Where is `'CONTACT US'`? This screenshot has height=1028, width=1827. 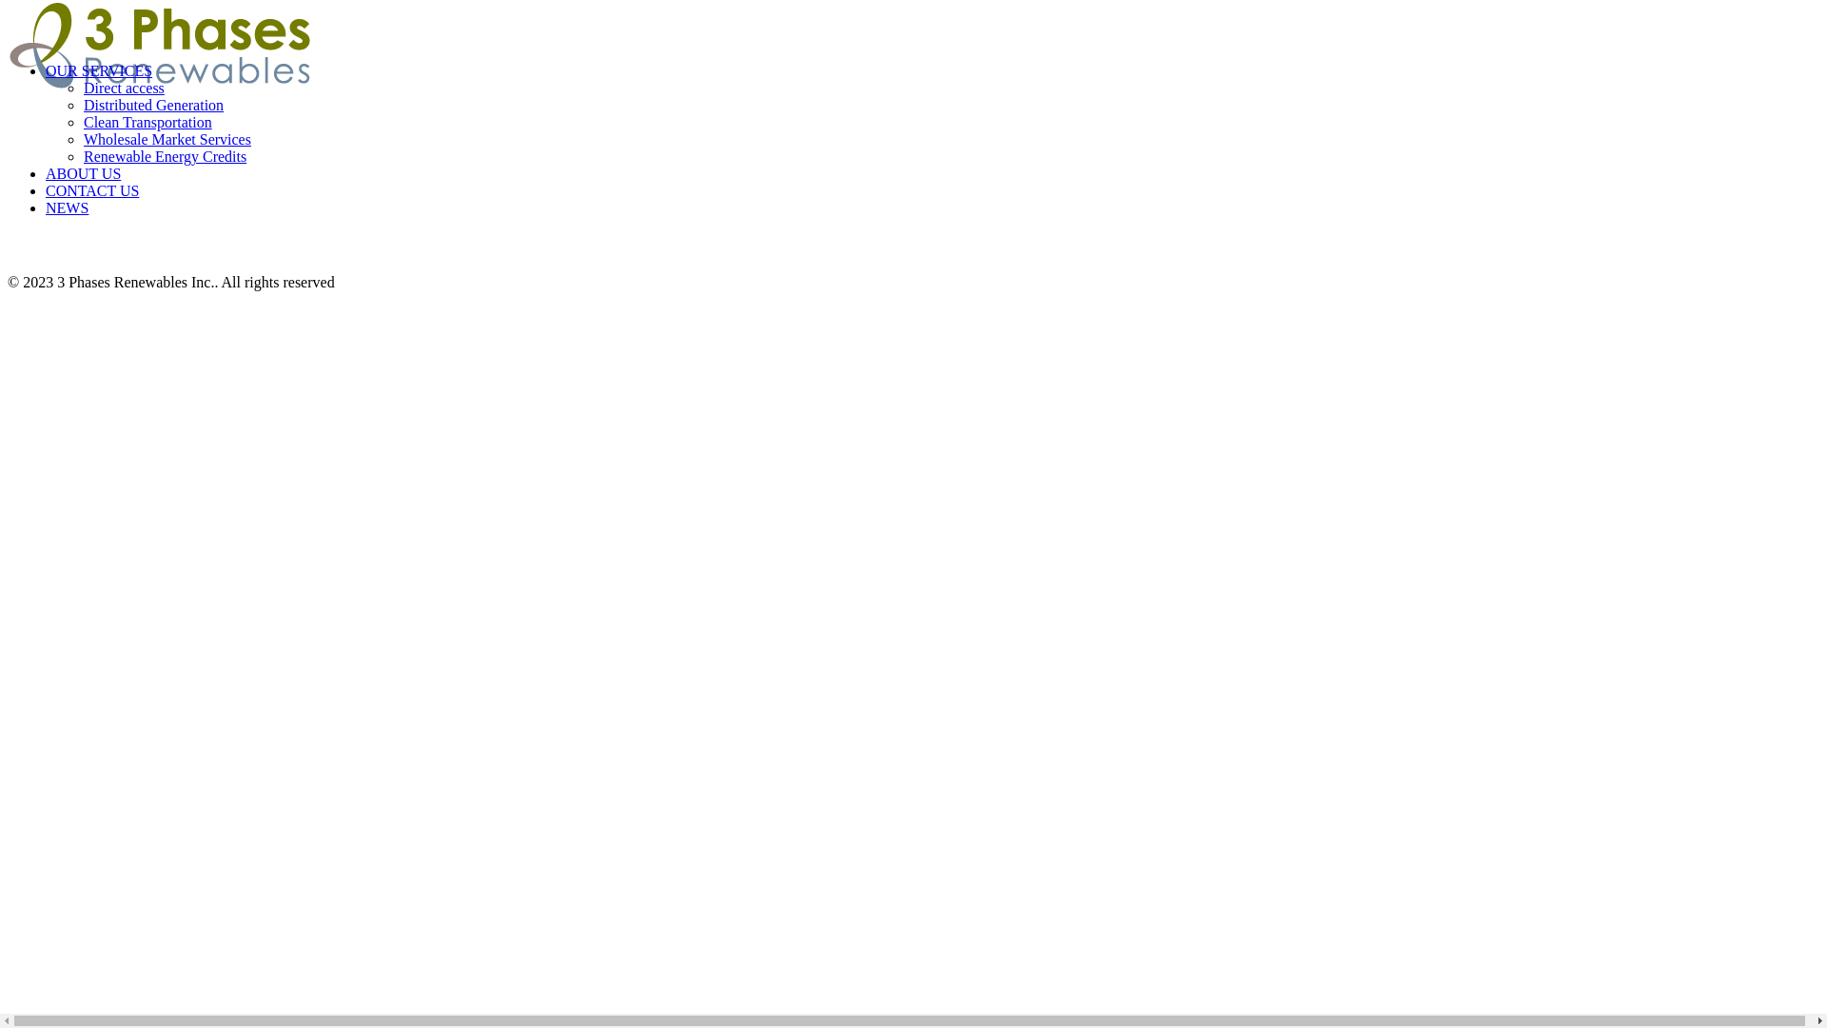 'CONTACT US' is located at coordinates (46, 190).